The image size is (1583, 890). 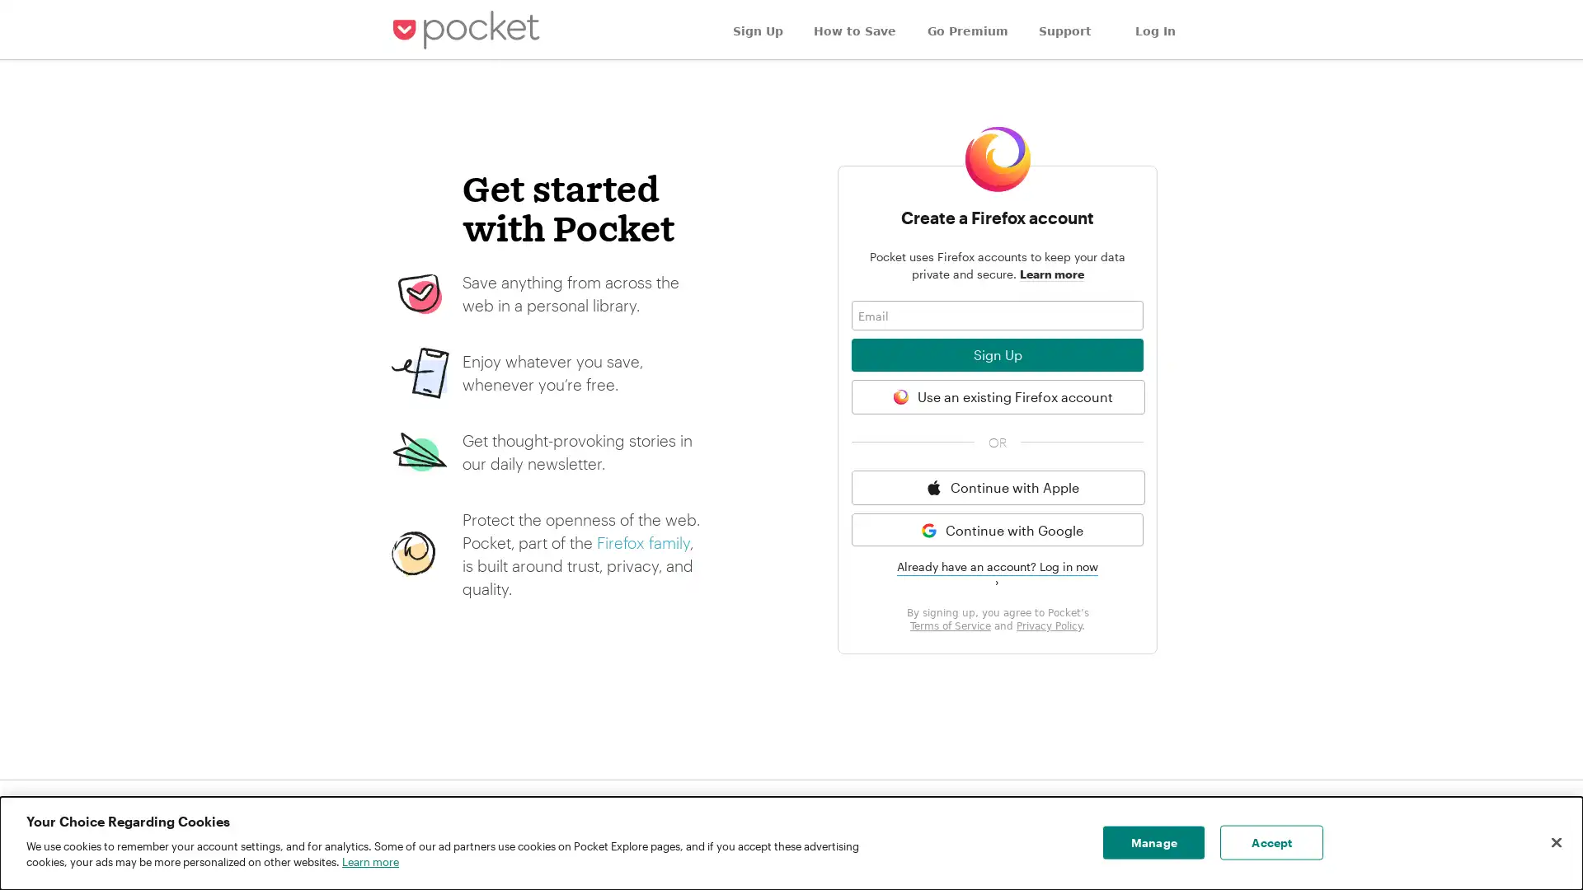 What do you see at coordinates (996, 354) in the screenshot?
I see `Sign Up` at bounding box center [996, 354].